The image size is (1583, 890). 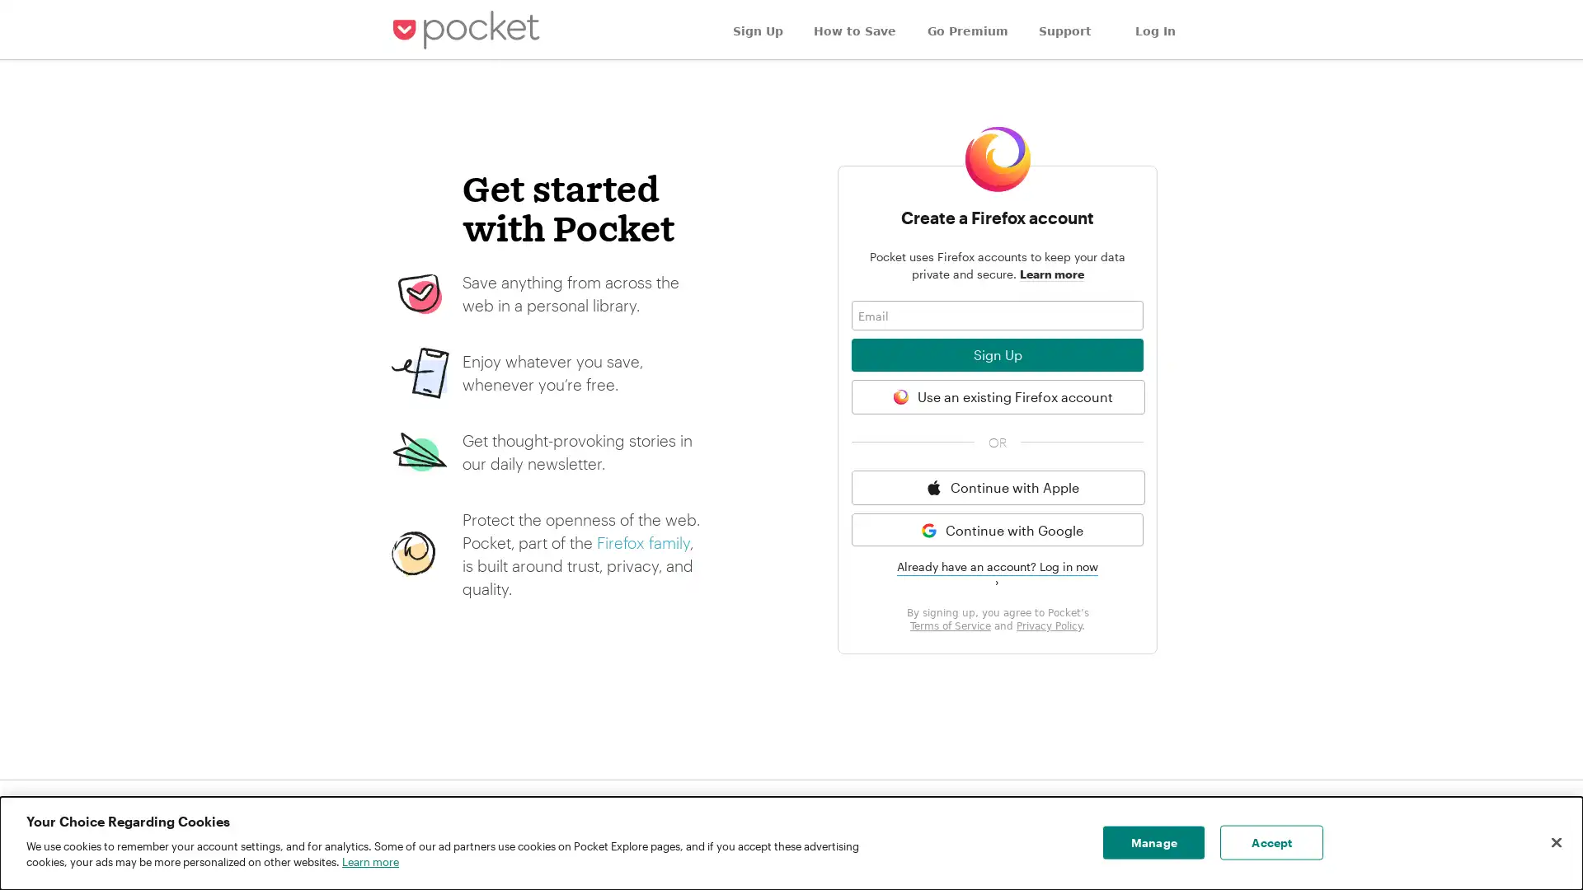 What do you see at coordinates (996, 354) in the screenshot?
I see `Sign Up` at bounding box center [996, 354].